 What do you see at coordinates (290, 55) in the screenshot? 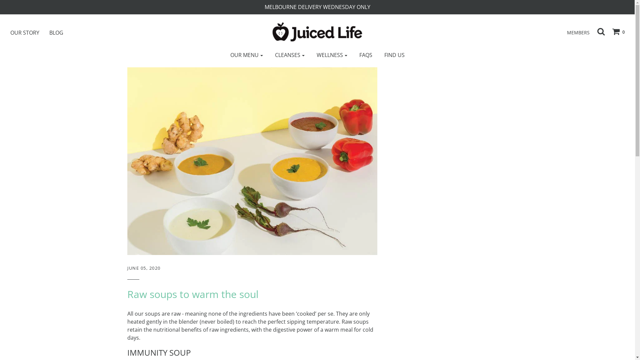
I see `'CLEANSES'` at bounding box center [290, 55].